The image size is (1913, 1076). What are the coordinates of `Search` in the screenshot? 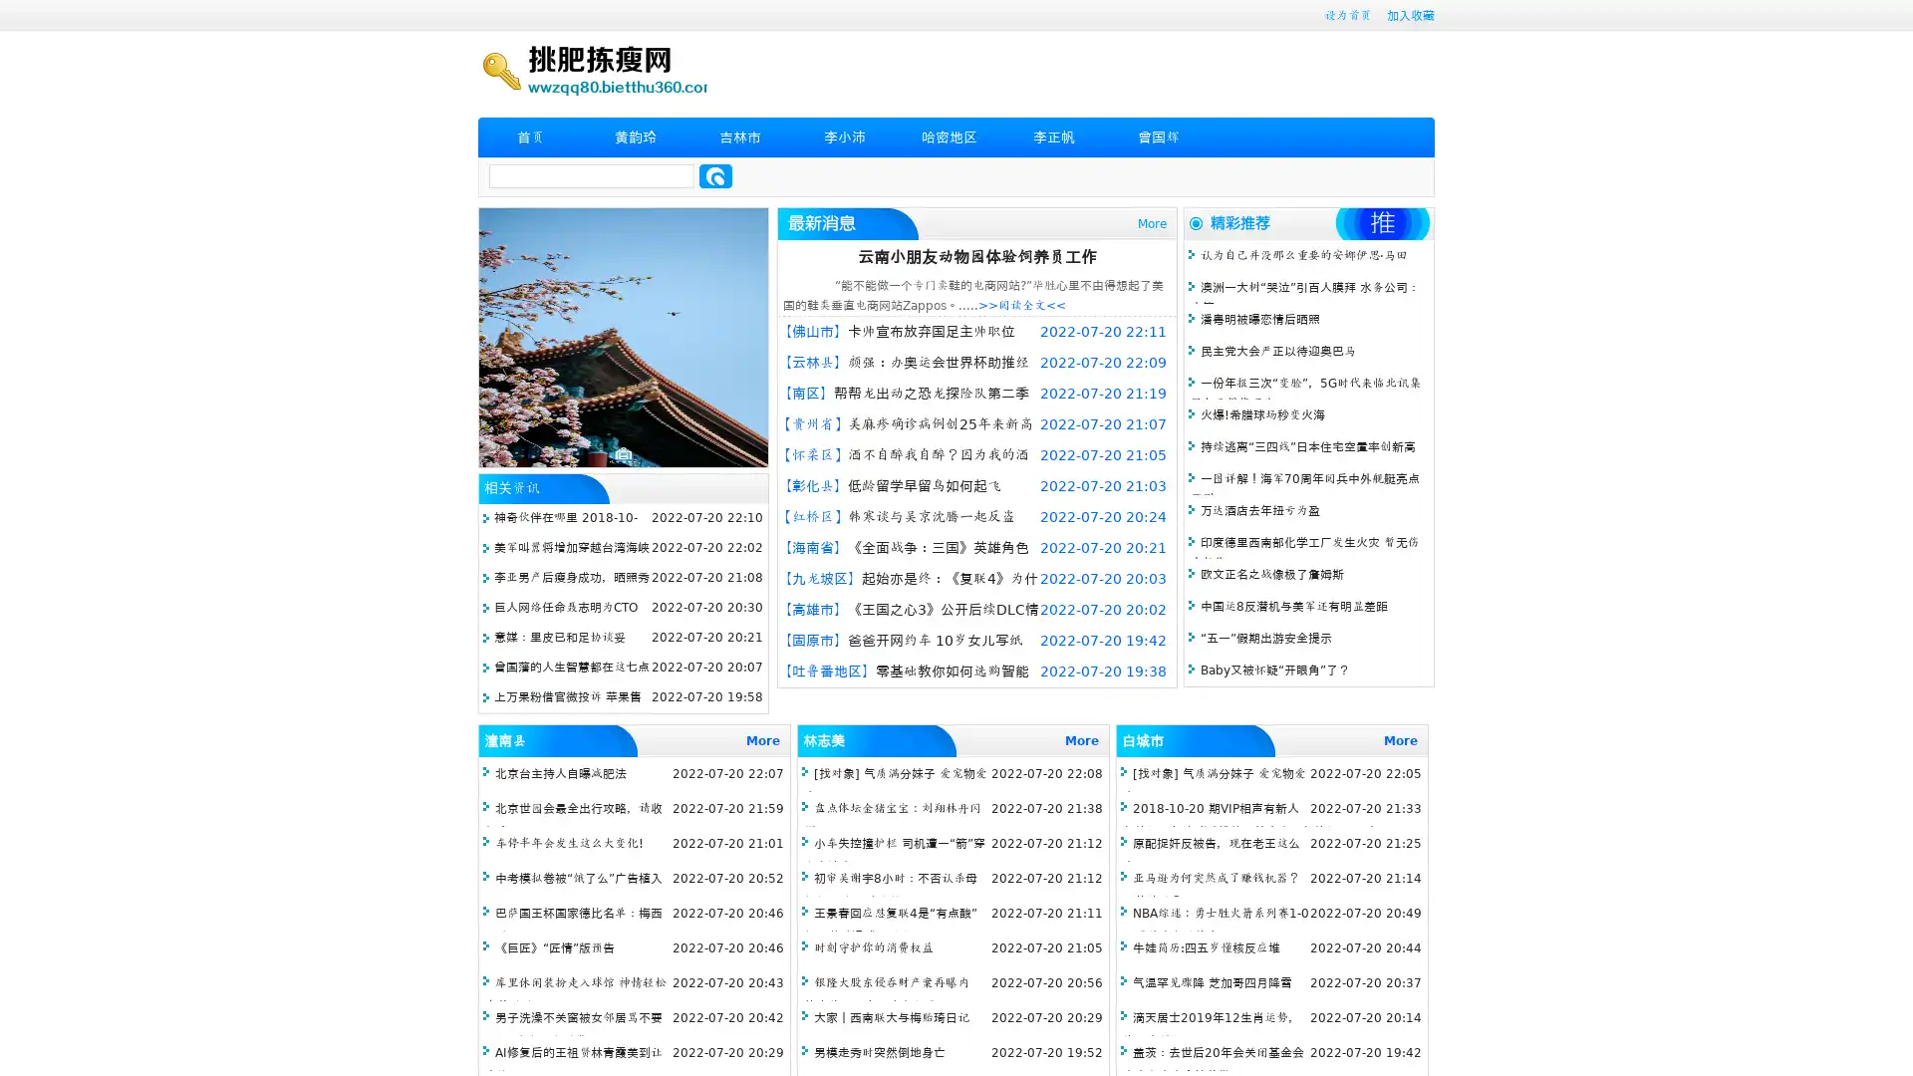 It's located at (715, 175).